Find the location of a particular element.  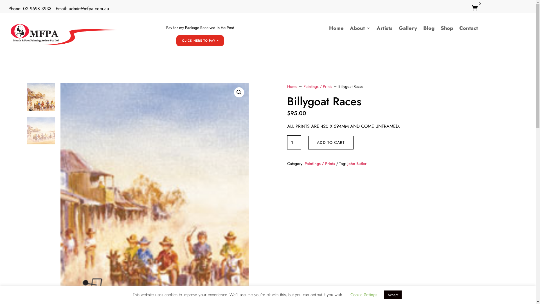

'Blog' is located at coordinates (429, 29).